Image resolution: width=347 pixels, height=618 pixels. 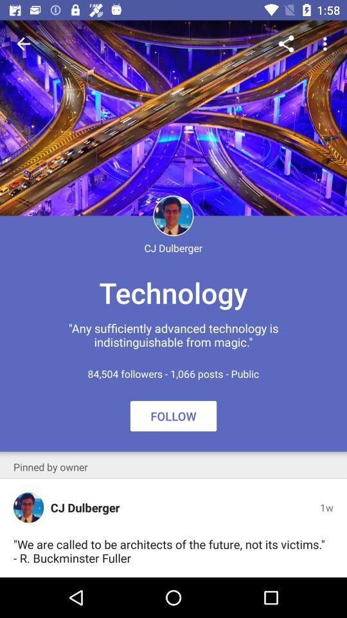 What do you see at coordinates (286, 44) in the screenshot?
I see `share icon` at bounding box center [286, 44].